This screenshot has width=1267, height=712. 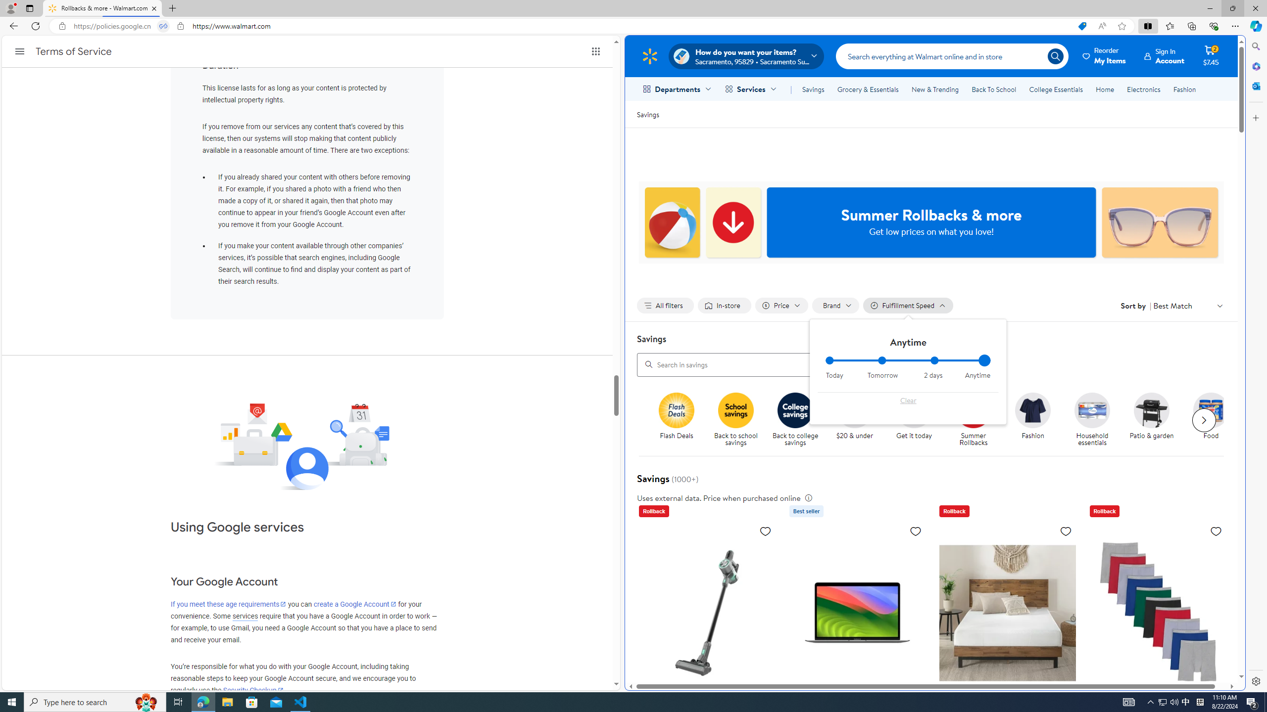 I want to click on 'Fashion Fashion', so click(x=1033, y=416).